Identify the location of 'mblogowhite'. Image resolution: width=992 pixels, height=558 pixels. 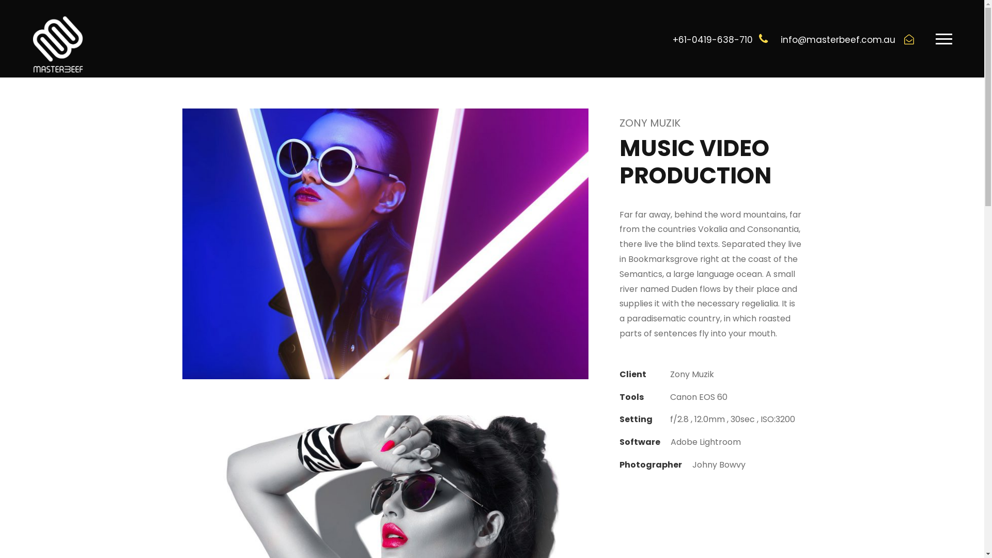
(57, 43).